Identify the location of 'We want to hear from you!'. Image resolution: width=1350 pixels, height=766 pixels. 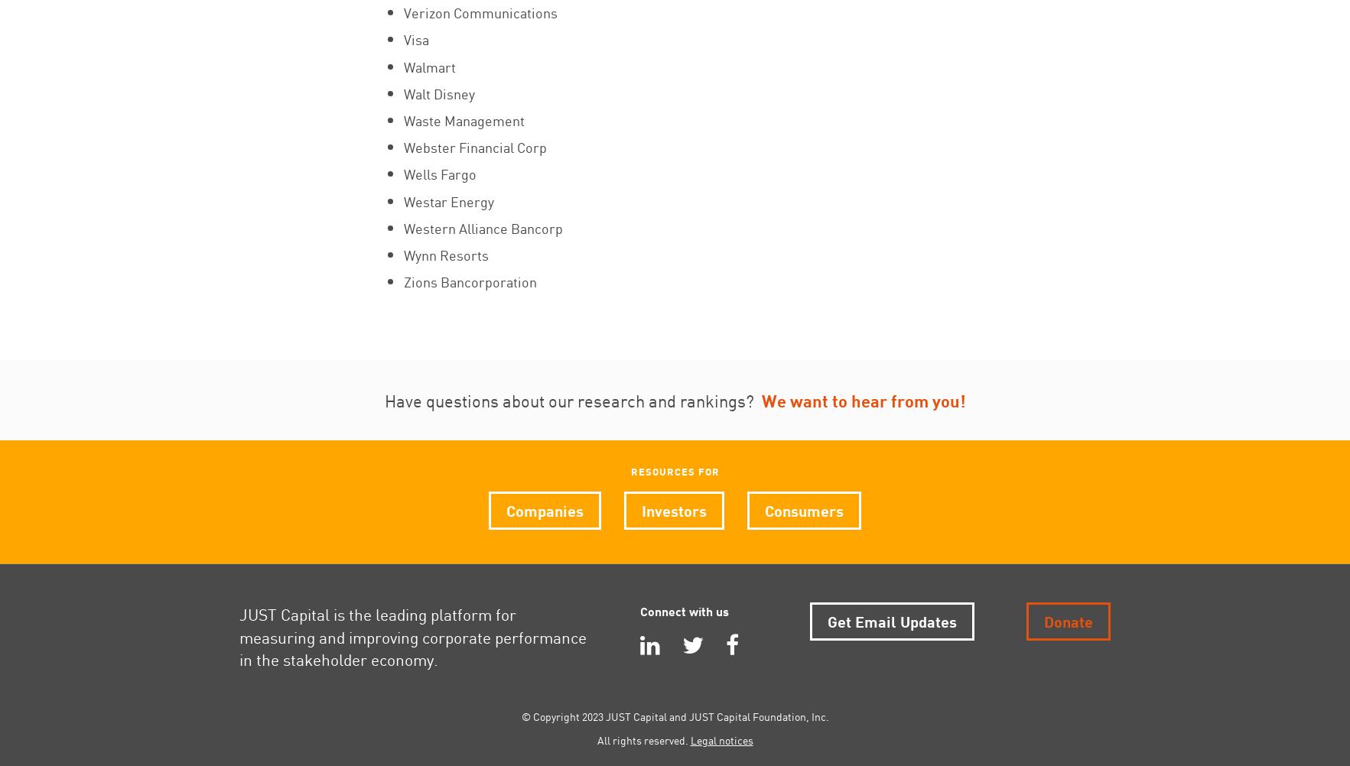
(863, 400).